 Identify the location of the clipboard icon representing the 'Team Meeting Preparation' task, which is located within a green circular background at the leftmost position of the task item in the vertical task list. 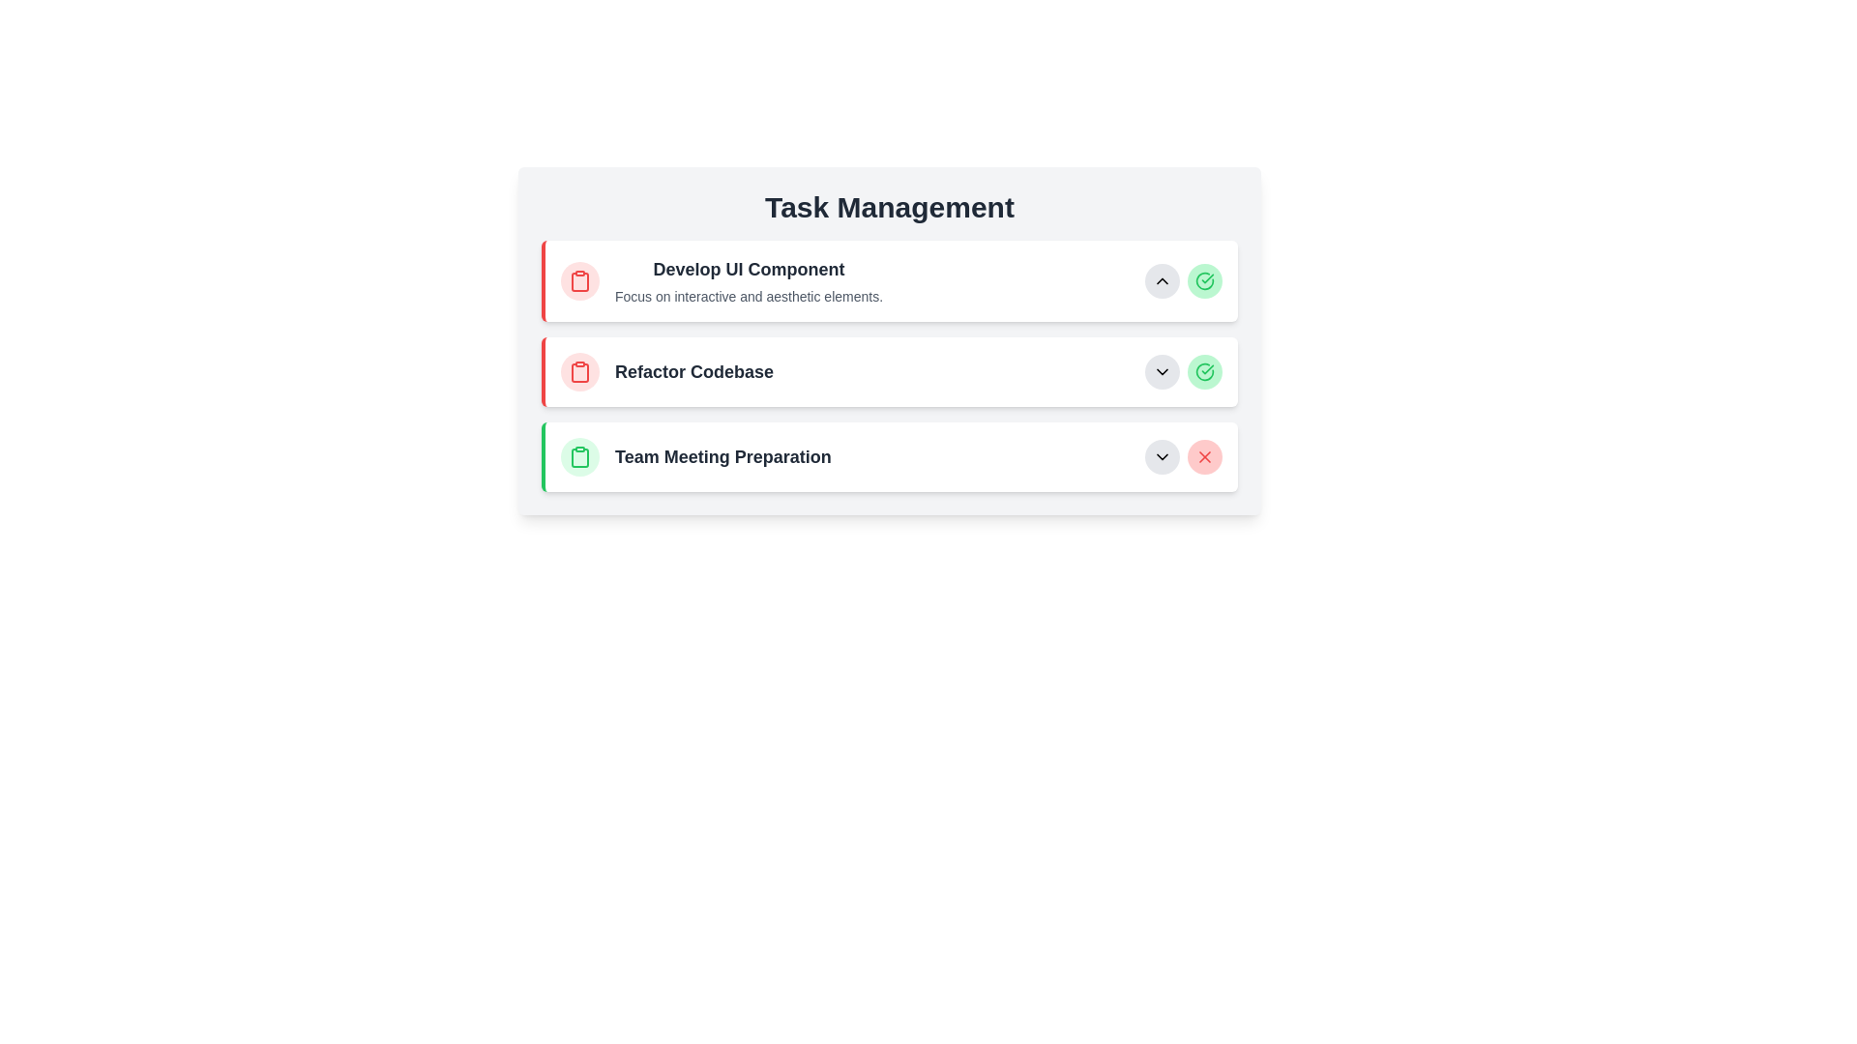
(579, 457).